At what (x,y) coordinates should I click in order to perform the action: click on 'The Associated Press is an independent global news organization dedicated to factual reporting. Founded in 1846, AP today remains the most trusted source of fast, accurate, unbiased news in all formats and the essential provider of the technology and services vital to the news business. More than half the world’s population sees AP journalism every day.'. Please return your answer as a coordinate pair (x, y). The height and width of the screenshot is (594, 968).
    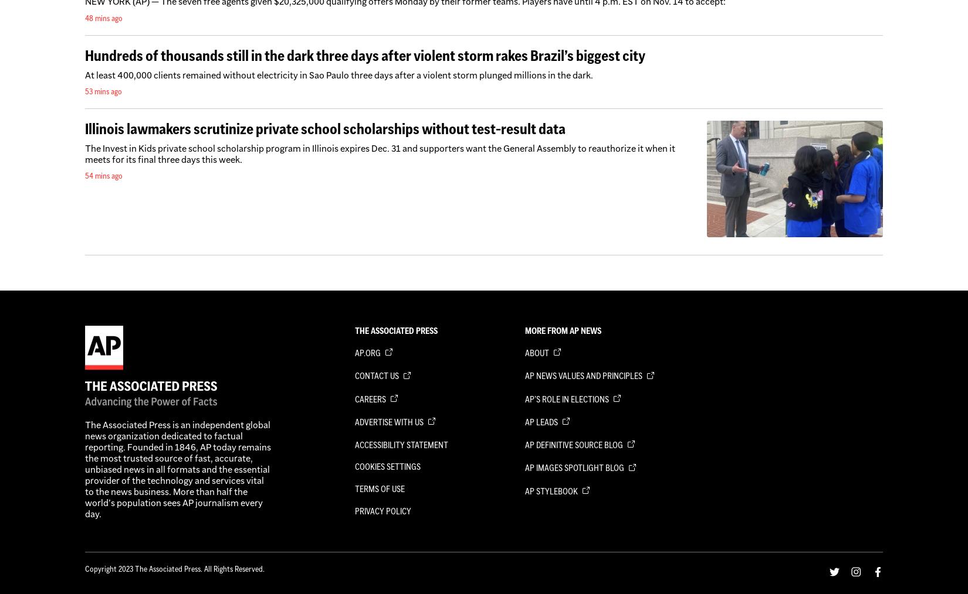
    Looking at the image, I should click on (178, 469).